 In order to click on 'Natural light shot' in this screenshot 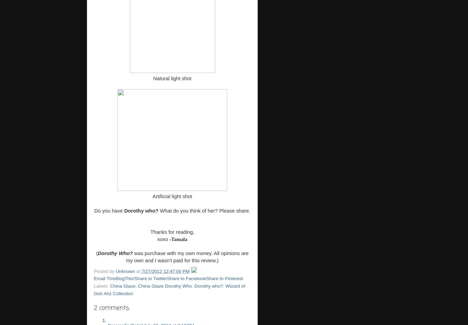, I will do `click(152, 77)`.